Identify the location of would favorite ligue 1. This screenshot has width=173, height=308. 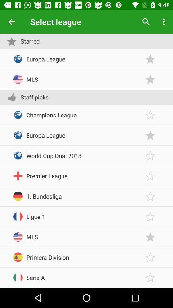
(150, 217).